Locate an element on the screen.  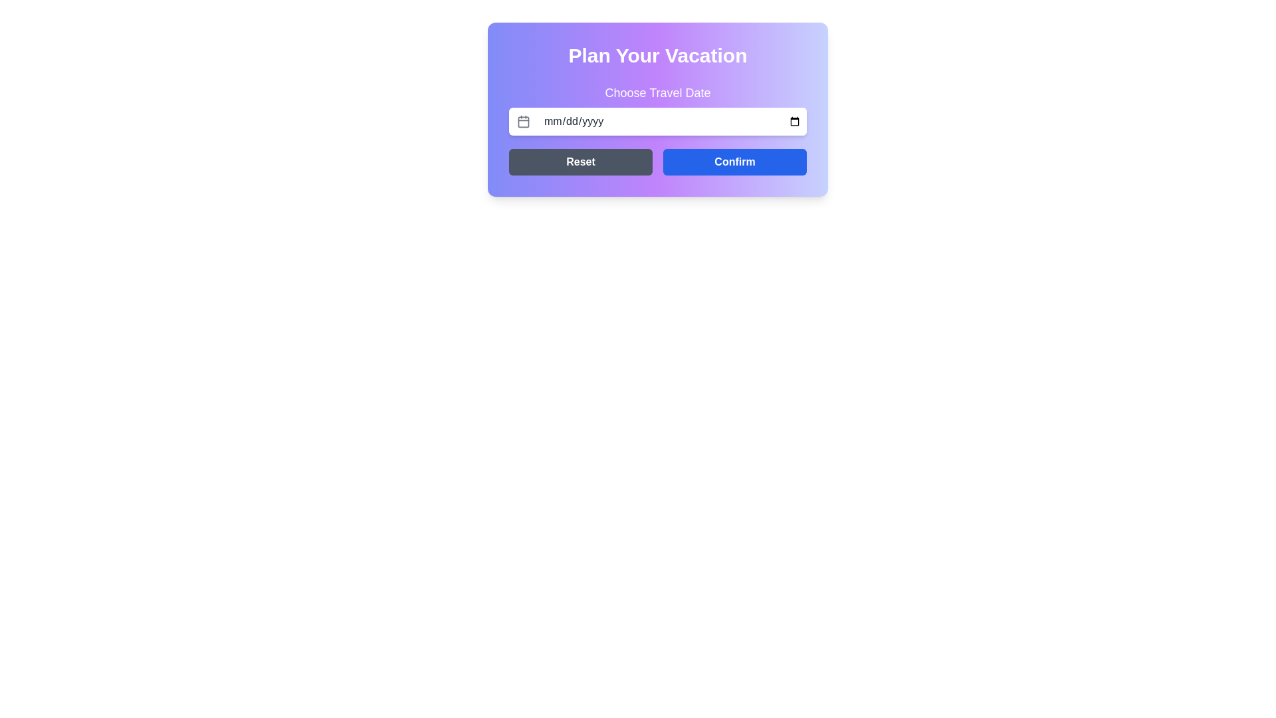
the calendar icon element with rounded corners located to the right of the date input field is located at coordinates (522, 121).